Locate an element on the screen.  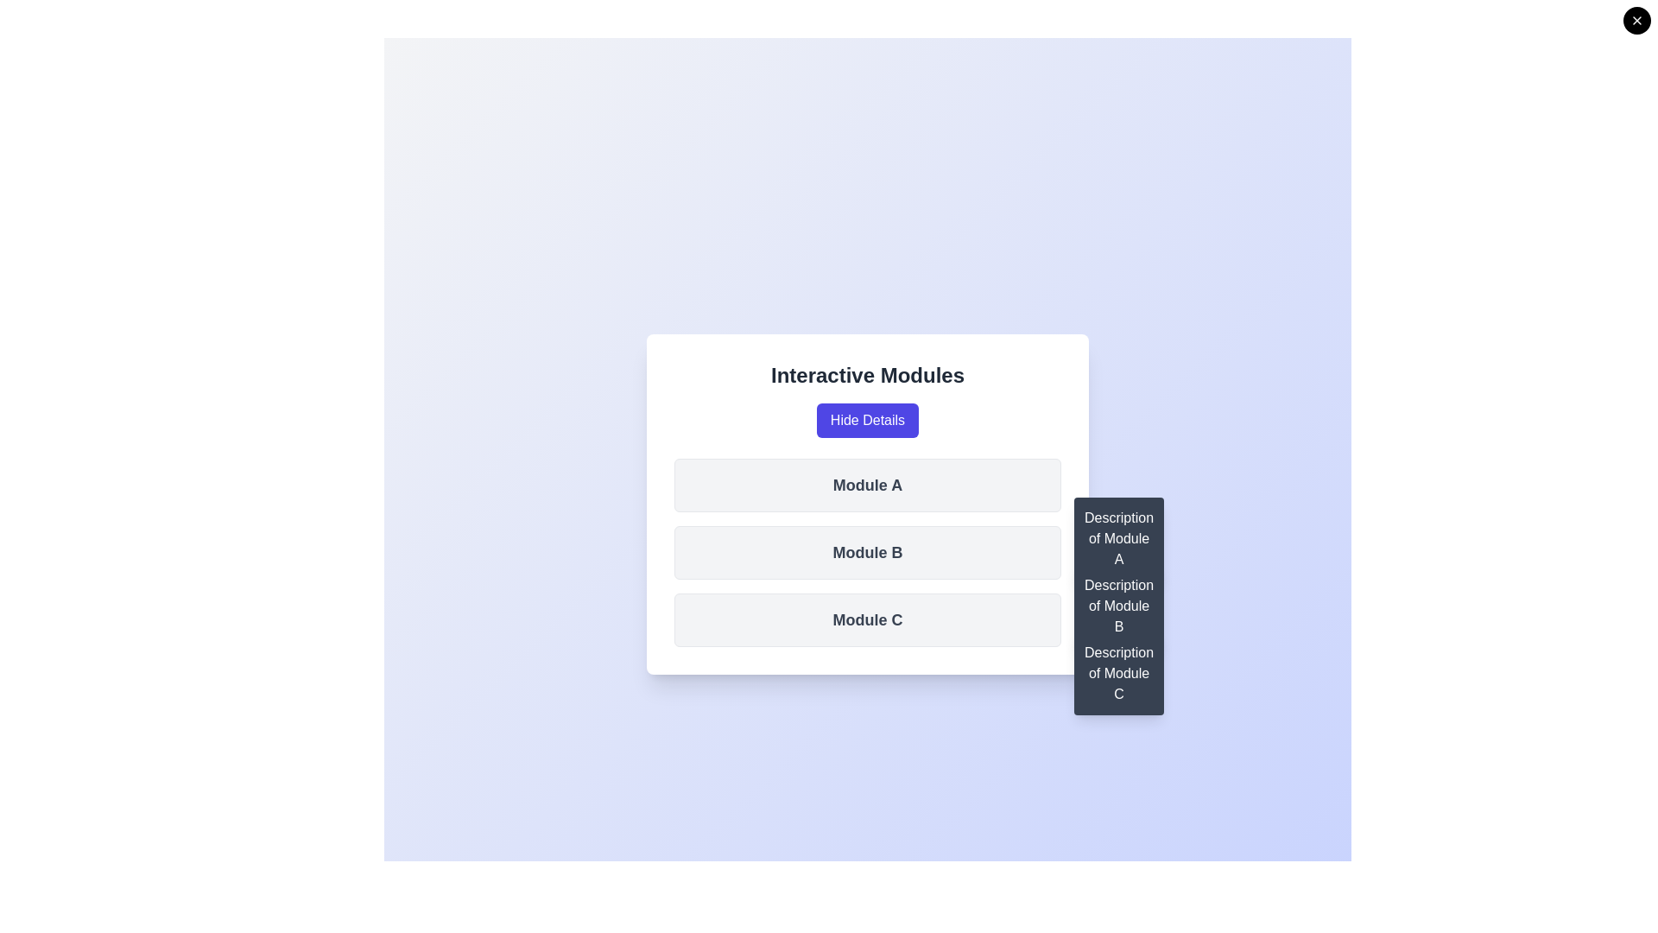
the Tooltip or informational panel displaying 'Description of Module A', which is a rectangular panel with rounded corners and a dark gray background, positioned to the right of the 'Module A' section is located at coordinates (1119, 538).